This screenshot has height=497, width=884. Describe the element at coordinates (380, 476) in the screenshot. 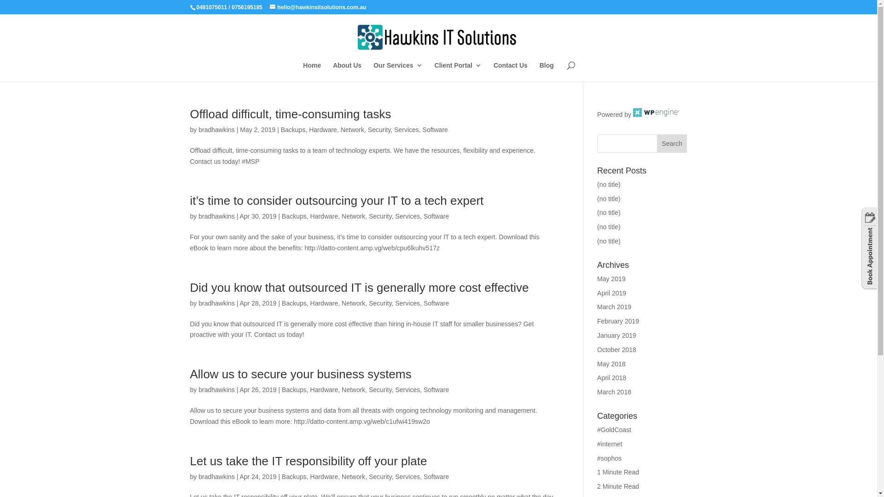

I see `'Security'` at that location.